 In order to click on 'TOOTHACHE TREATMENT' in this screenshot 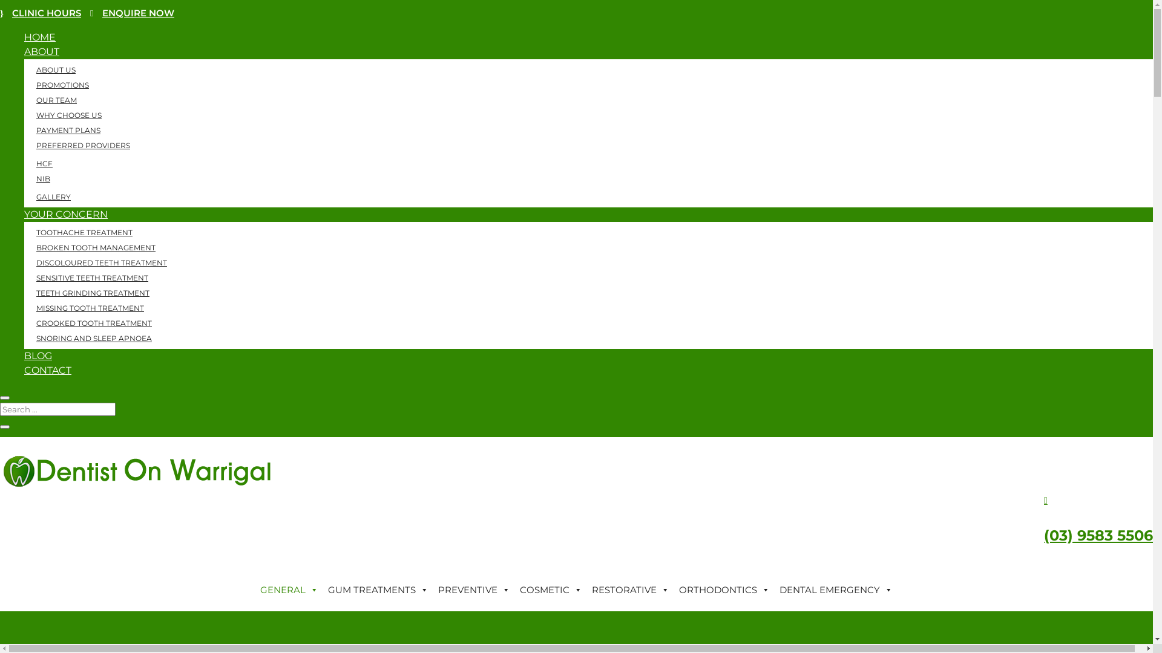, I will do `click(84, 232)`.